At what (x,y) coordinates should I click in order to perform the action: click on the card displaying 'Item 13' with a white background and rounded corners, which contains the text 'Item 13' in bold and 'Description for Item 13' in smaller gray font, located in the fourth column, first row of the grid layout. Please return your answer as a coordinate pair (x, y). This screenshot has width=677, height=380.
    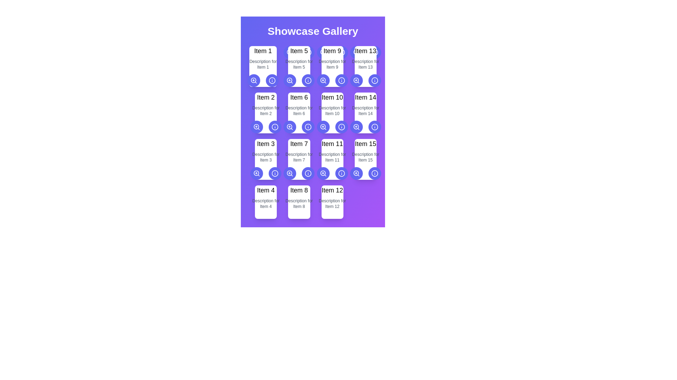
    Looking at the image, I should click on (365, 66).